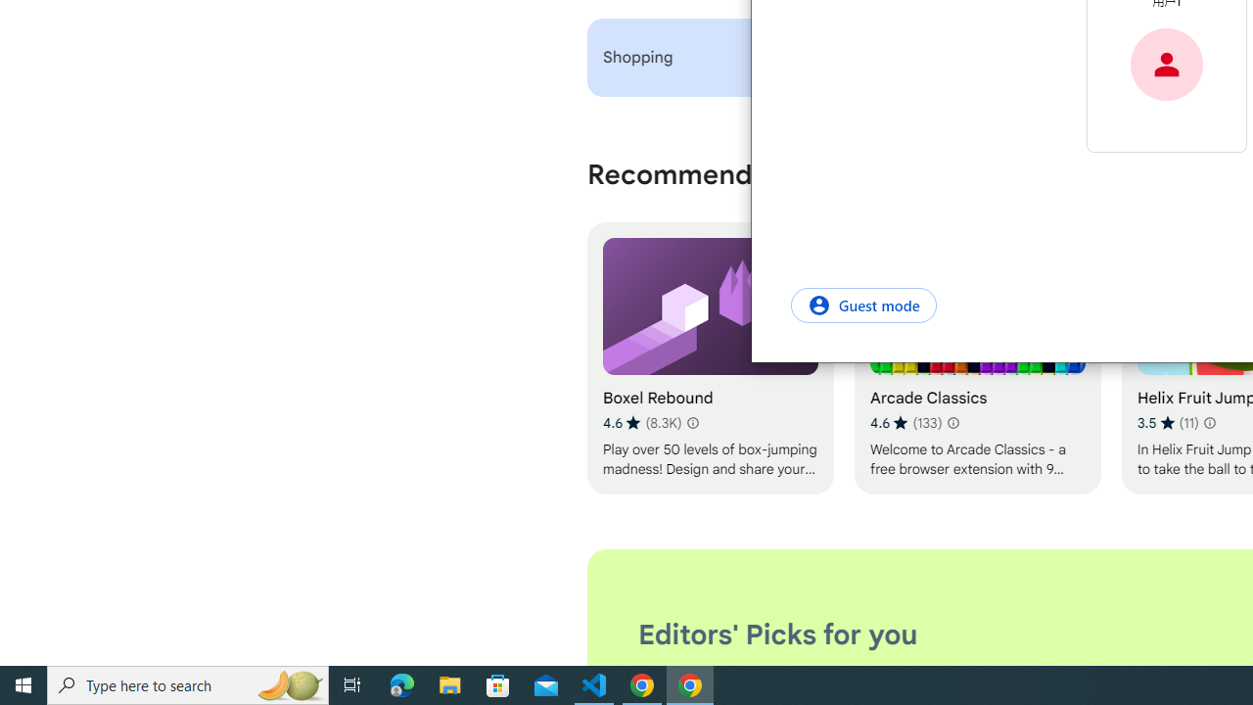 The width and height of the screenshot is (1253, 705). What do you see at coordinates (593, 683) in the screenshot?
I see `'Visual Studio Code - 1 running window'` at bounding box center [593, 683].